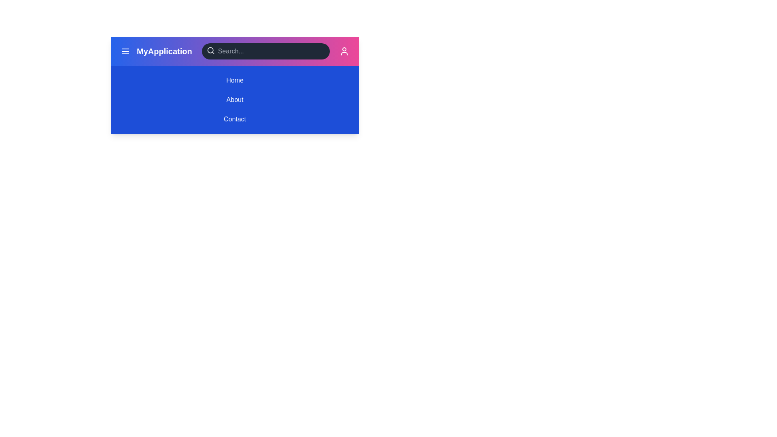  I want to click on the menu item About to navigate to the corresponding section, so click(234, 99).